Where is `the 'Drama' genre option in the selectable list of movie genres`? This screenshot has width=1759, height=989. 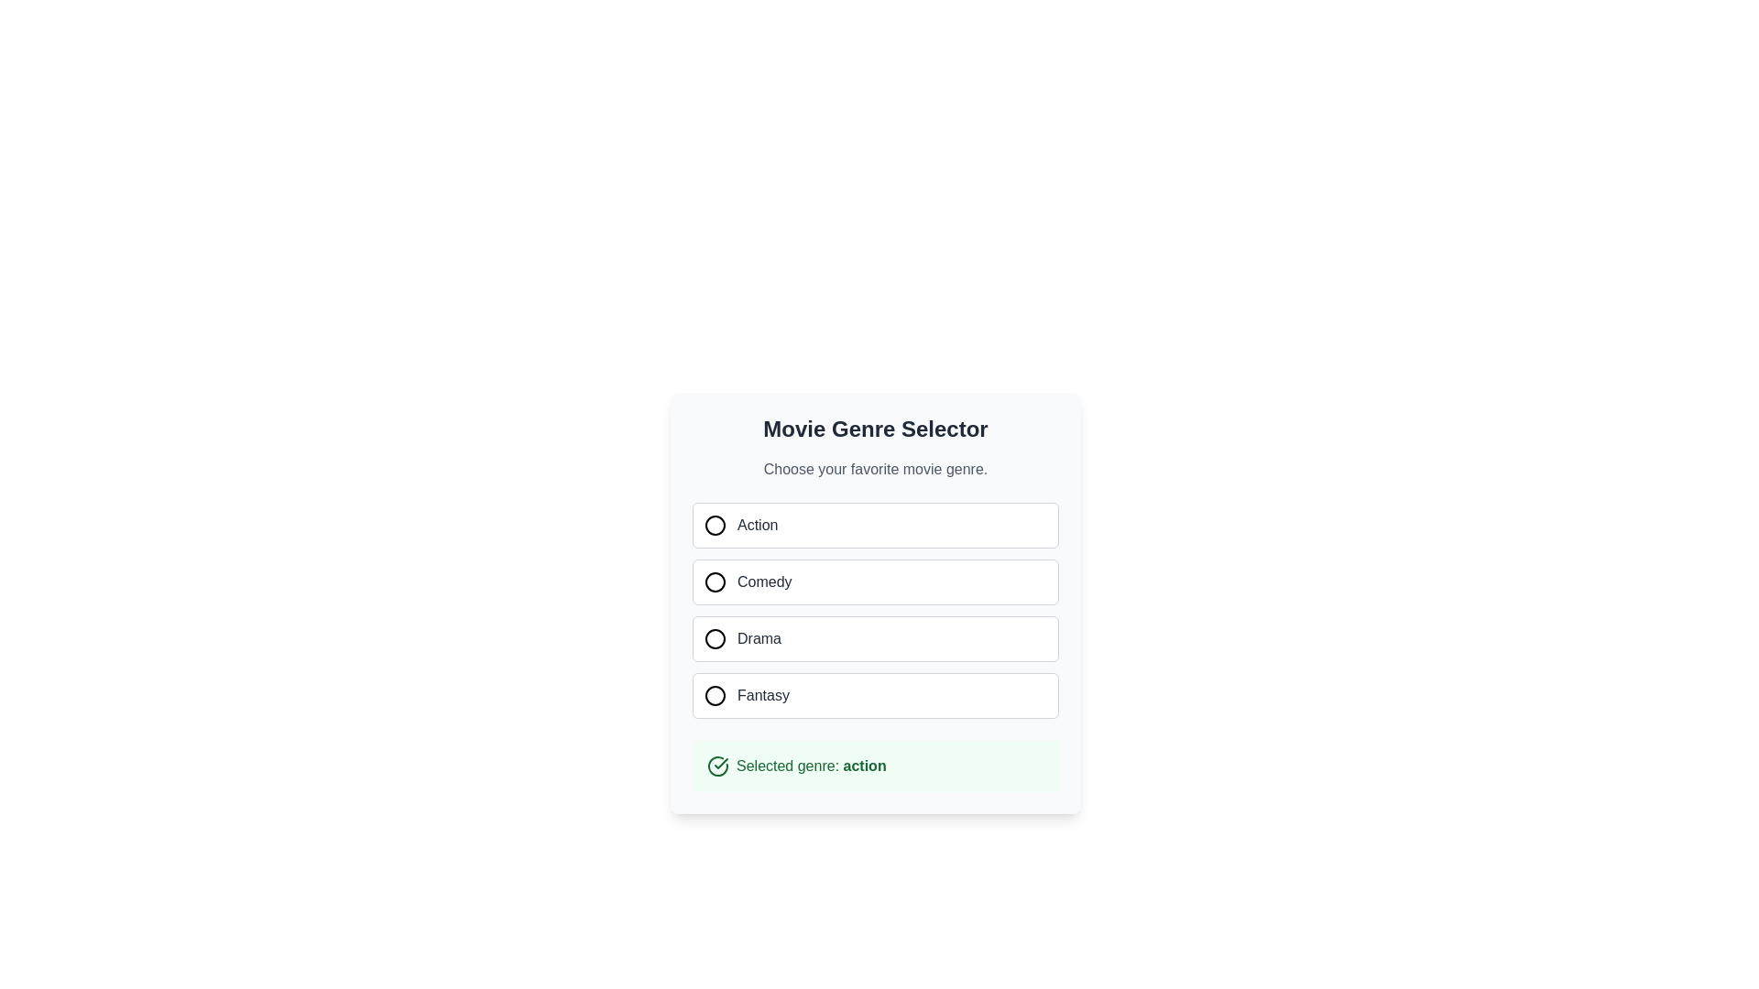 the 'Drama' genre option in the selectable list of movie genres is located at coordinates (874, 638).